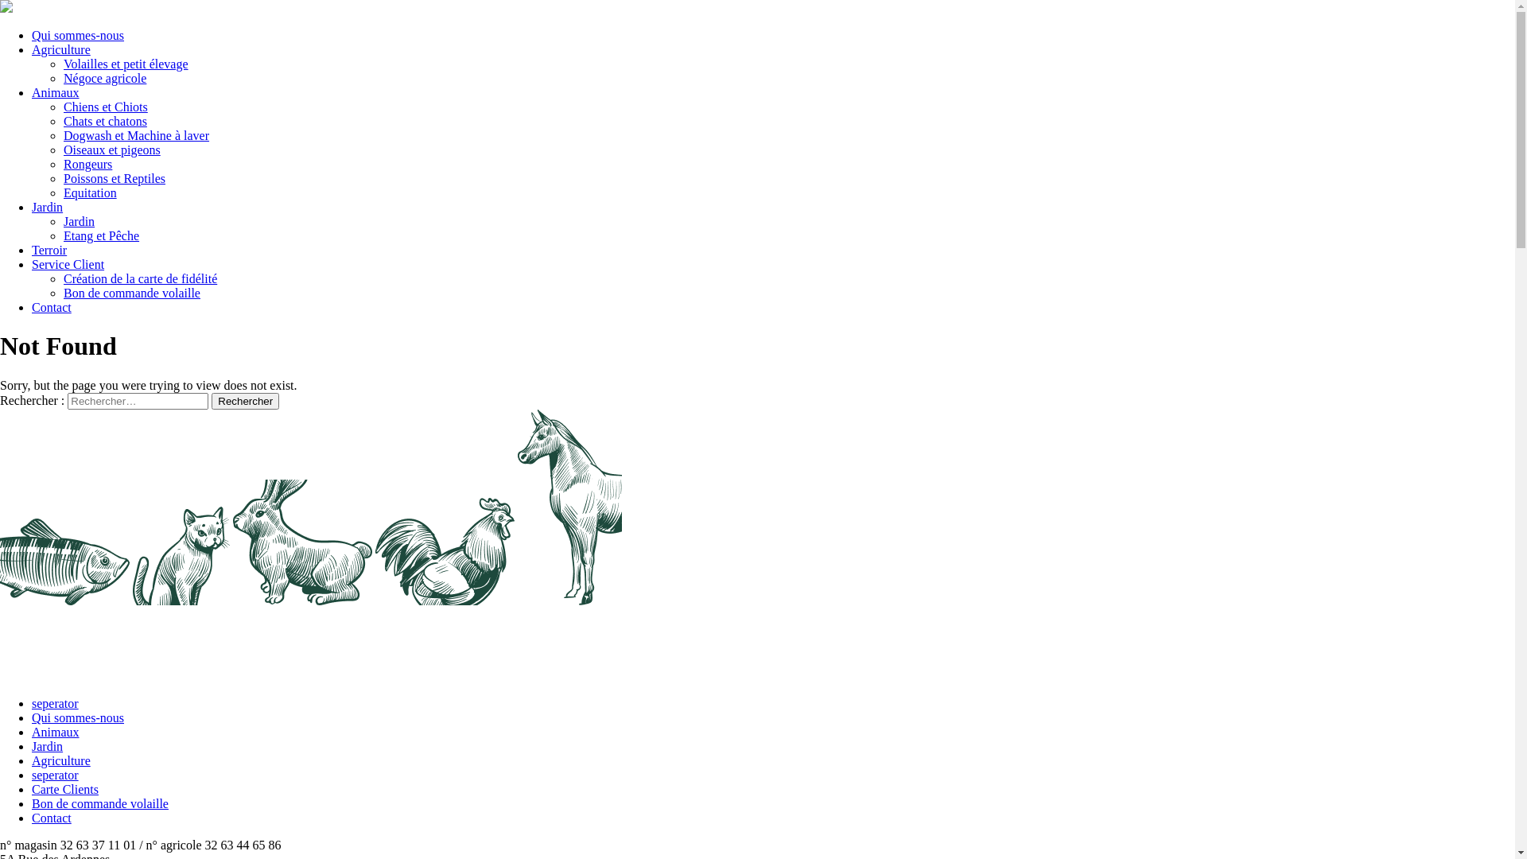 The image size is (1527, 859). What do you see at coordinates (31, 760) in the screenshot?
I see `'Agriculture'` at bounding box center [31, 760].